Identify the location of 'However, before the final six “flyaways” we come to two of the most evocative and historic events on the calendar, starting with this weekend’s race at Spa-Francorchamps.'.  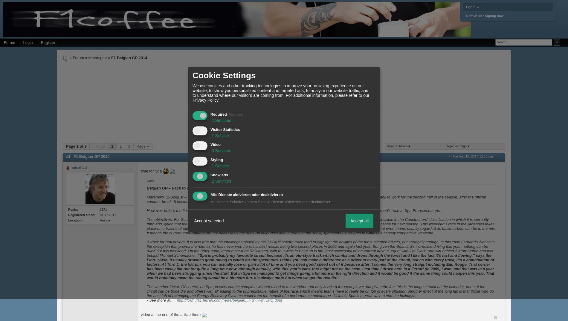
(146, 210).